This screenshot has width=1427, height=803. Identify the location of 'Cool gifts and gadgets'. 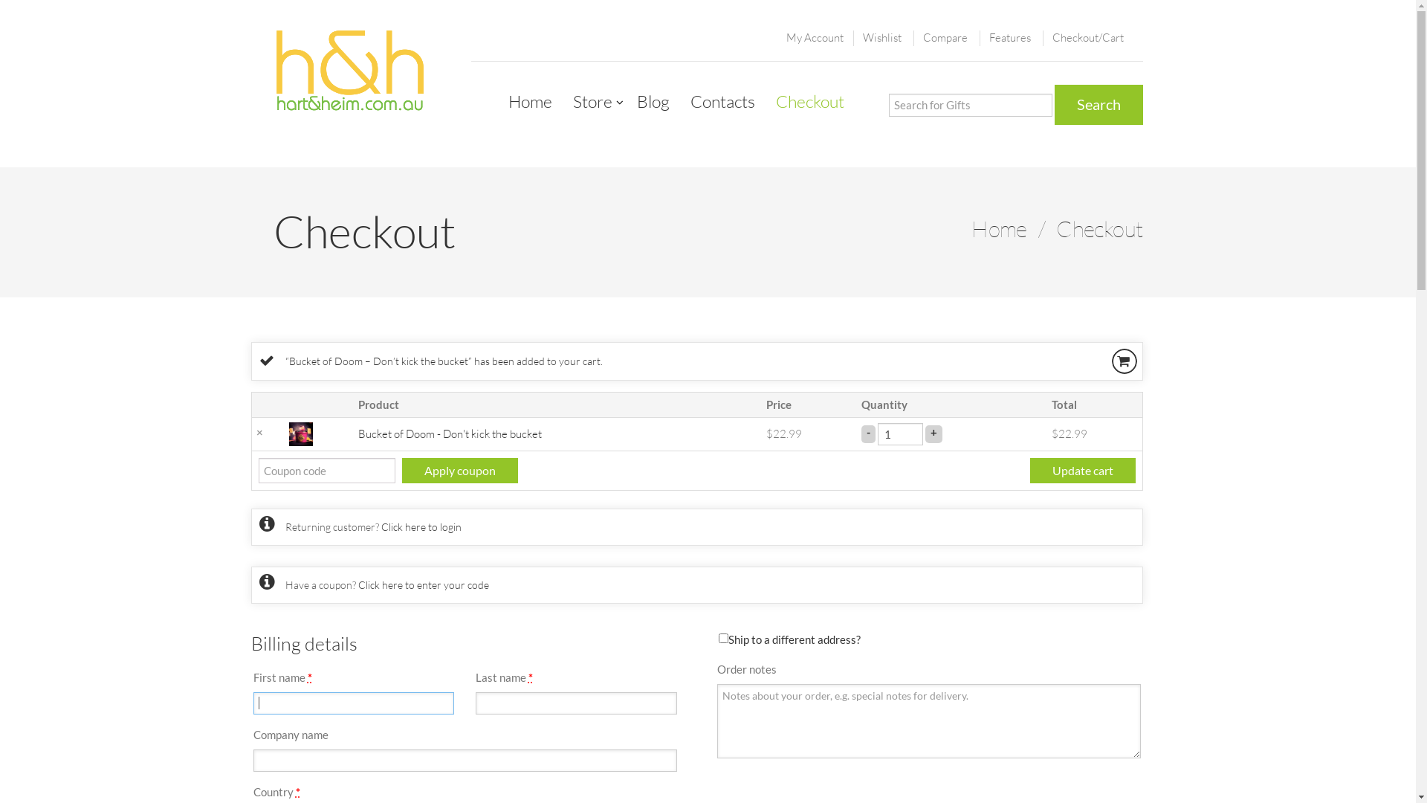
(349, 71).